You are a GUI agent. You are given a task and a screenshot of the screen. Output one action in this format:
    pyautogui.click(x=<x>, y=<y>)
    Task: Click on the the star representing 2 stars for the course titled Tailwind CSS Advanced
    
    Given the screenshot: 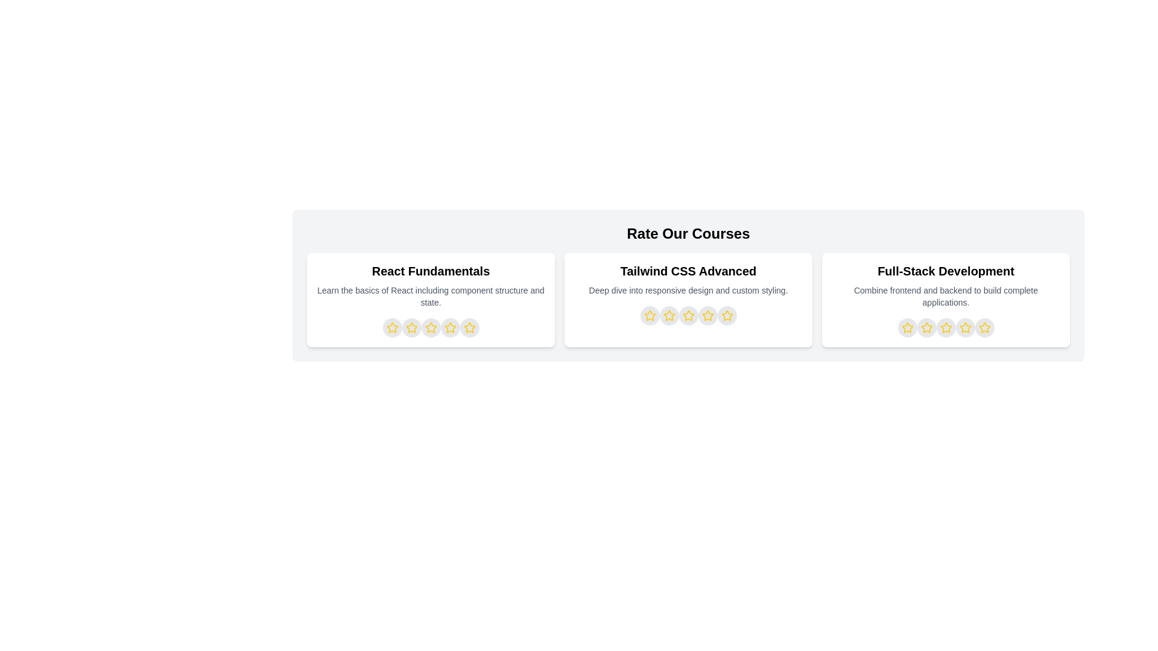 What is the action you would take?
    pyautogui.click(x=668, y=315)
    